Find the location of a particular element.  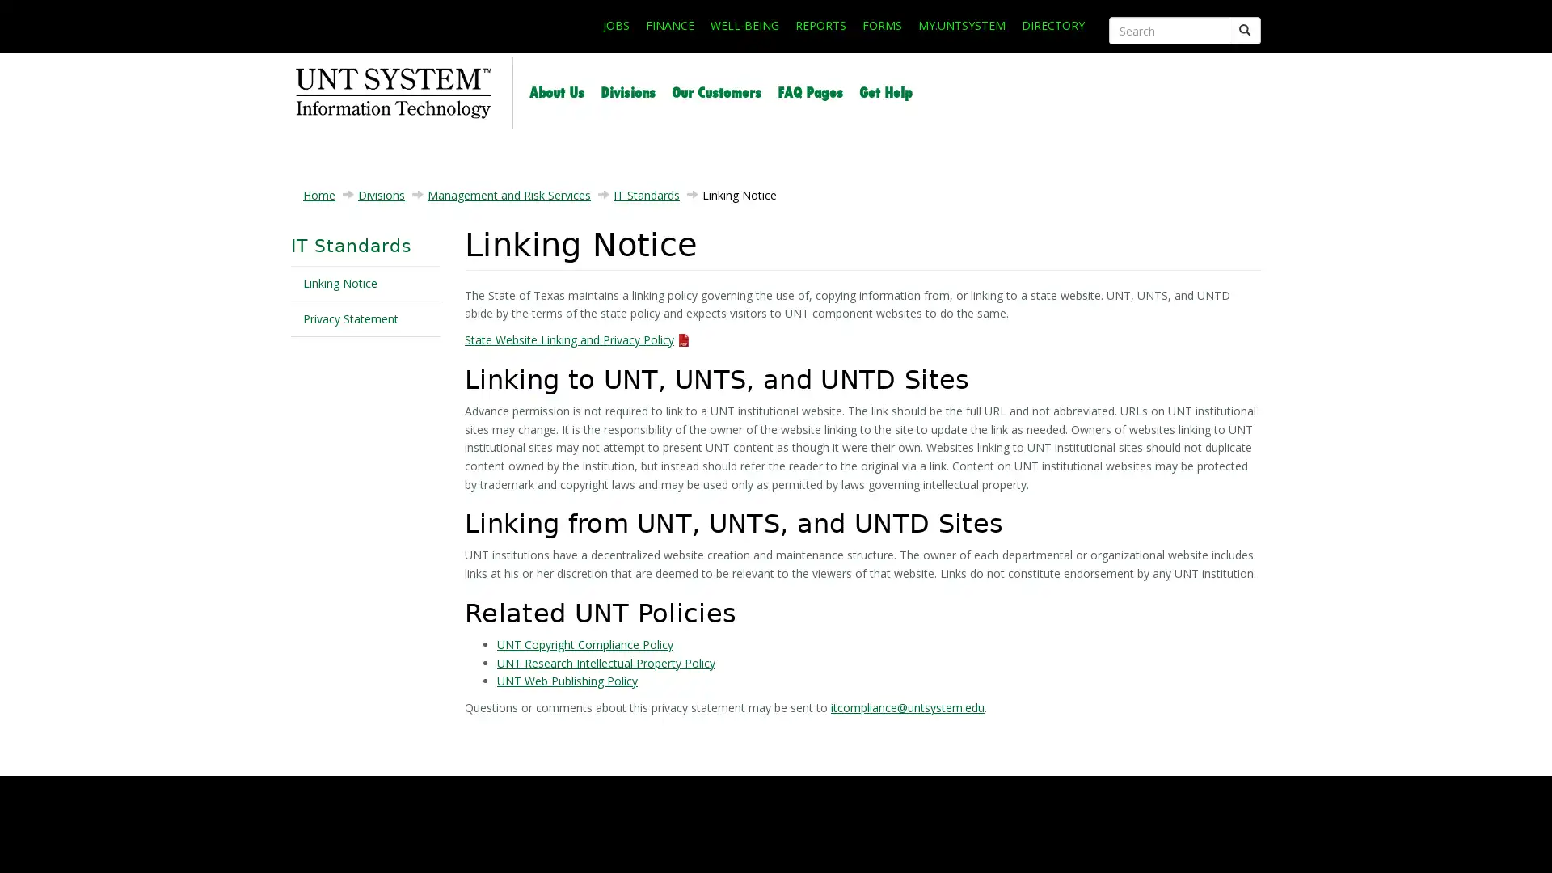

Submit is located at coordinates (1244, 31).